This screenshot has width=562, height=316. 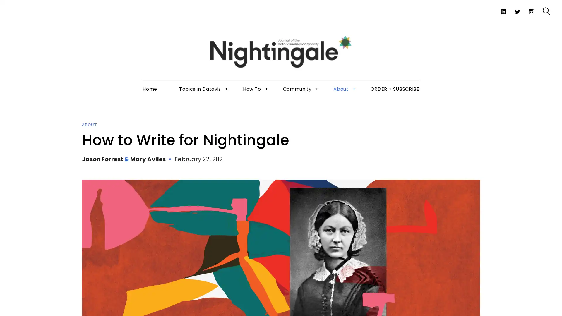 What do you see at coordinates (16, 8) in the screenshot?
I see `MENU` at bounding box center [16, 8].